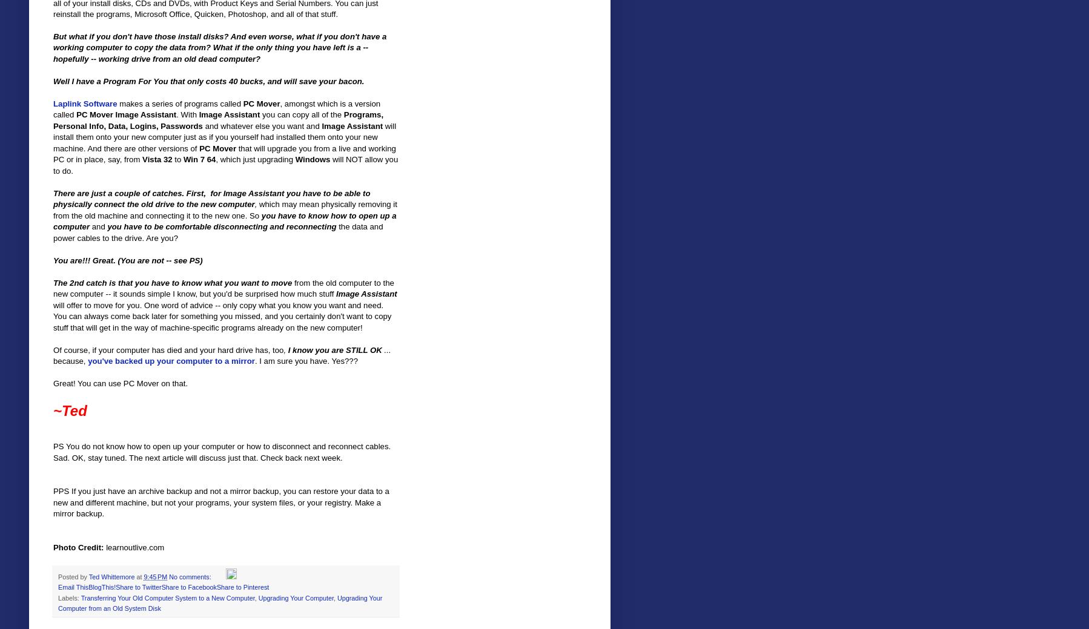 The height and width of the screenshot is (629, 1089). I want to click on 'Programs, Personal Info, Data, Logins, Passwords', so click(217, 120).